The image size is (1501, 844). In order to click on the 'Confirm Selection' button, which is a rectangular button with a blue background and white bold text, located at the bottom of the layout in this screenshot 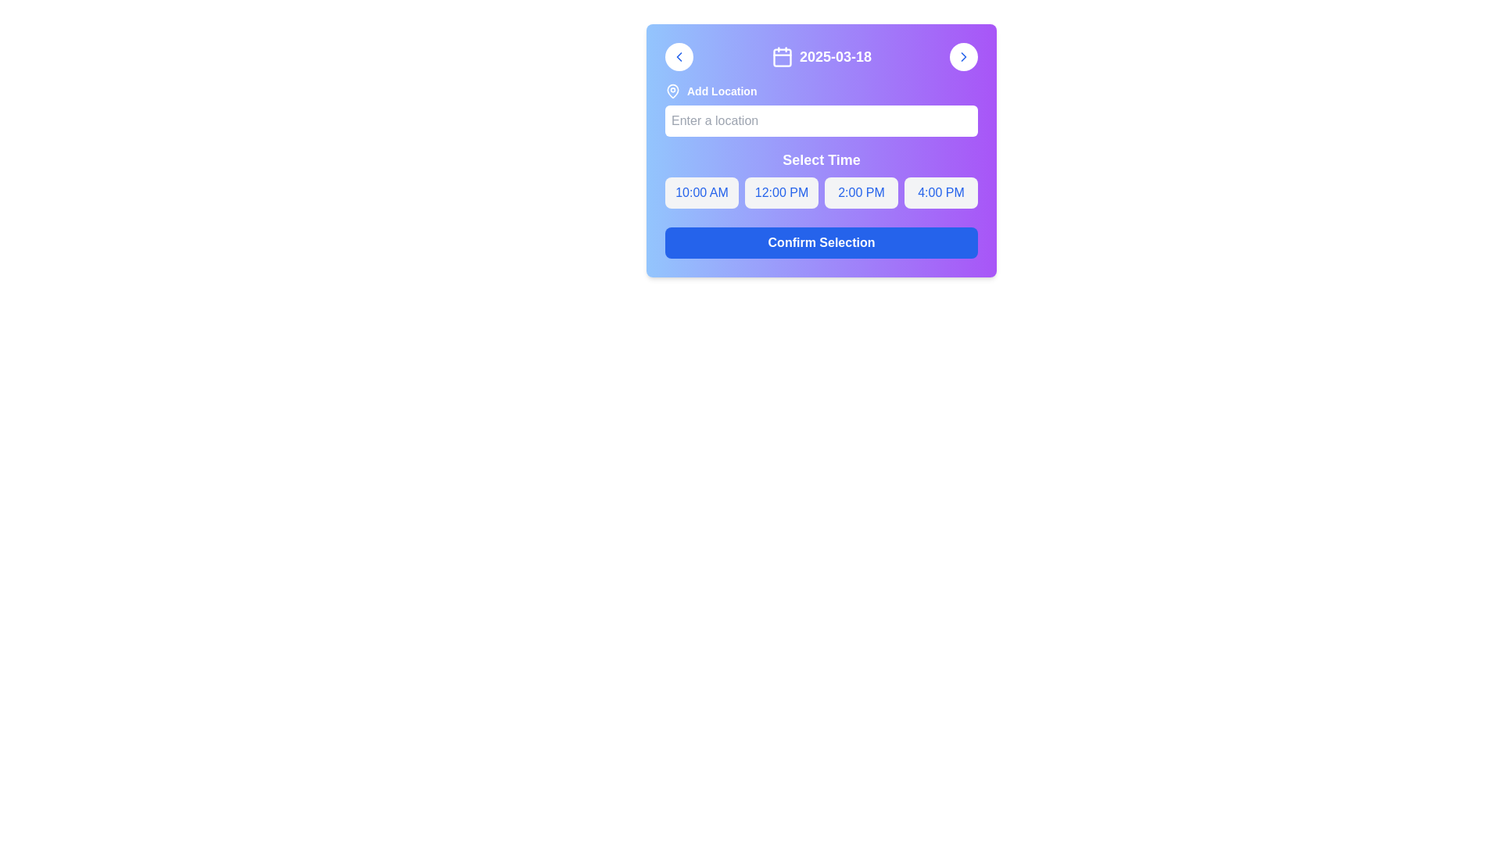, I will do `click(821, 243)`.